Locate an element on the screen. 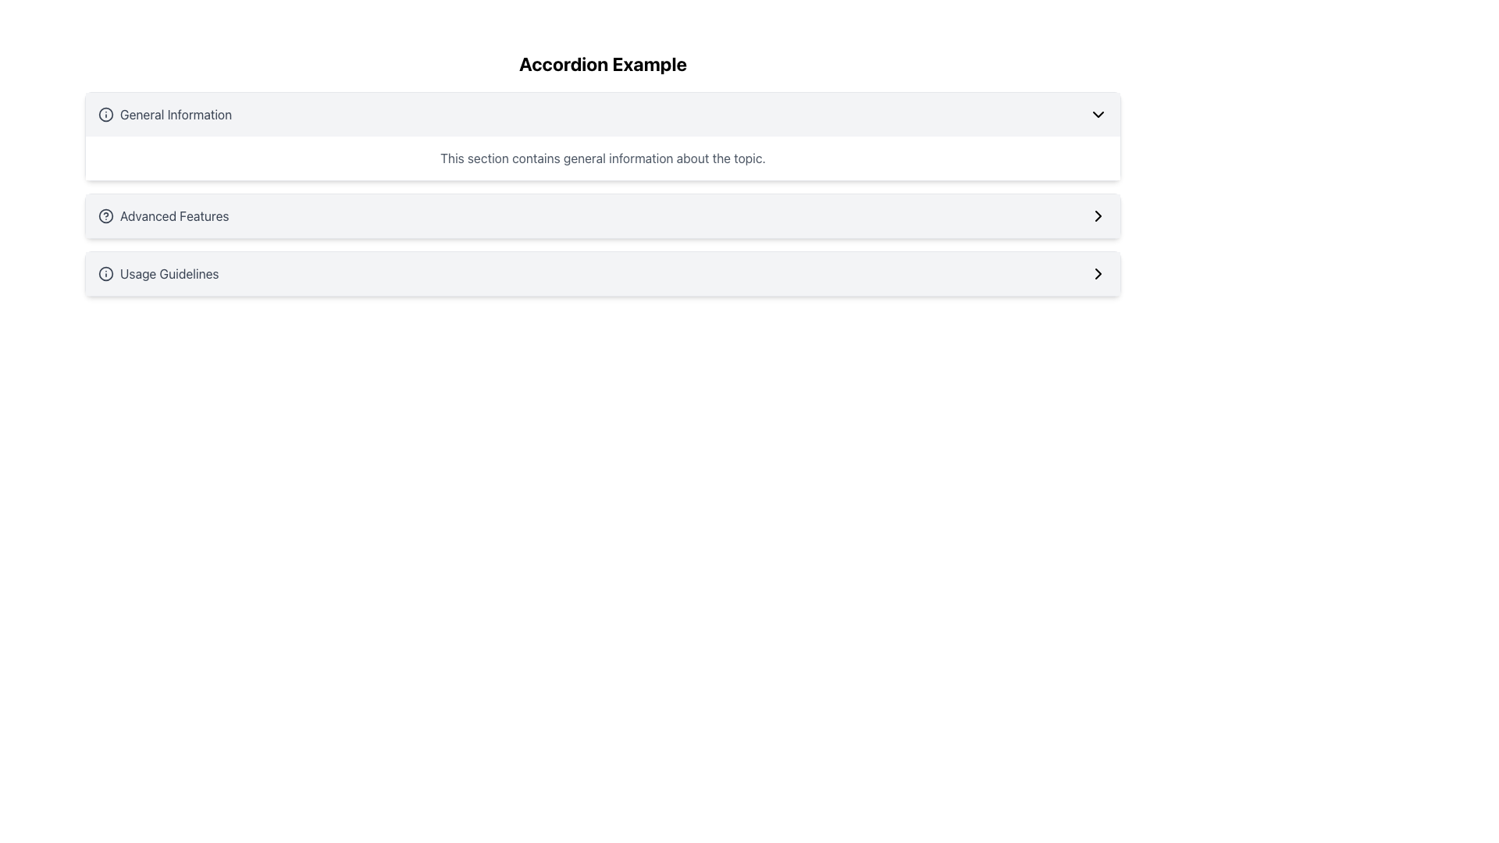  the interactive help icon located to the left of the 'Advanced Features' text is located at coordinates (105, 216).